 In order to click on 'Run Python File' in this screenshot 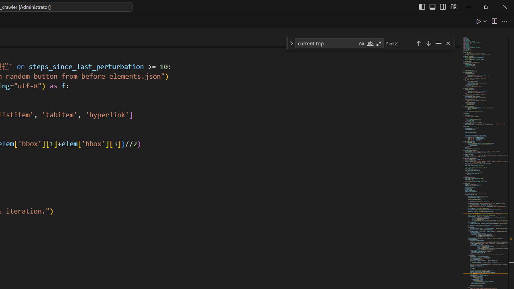, I will do `click(479, 20)`.